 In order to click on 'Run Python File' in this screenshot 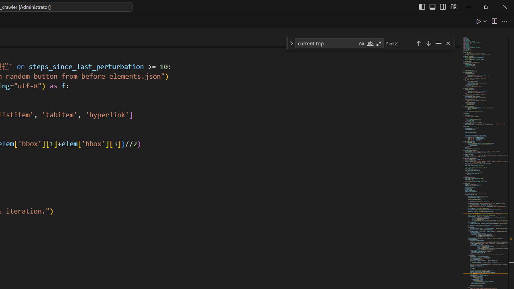, I will do `click(479, 20)`.